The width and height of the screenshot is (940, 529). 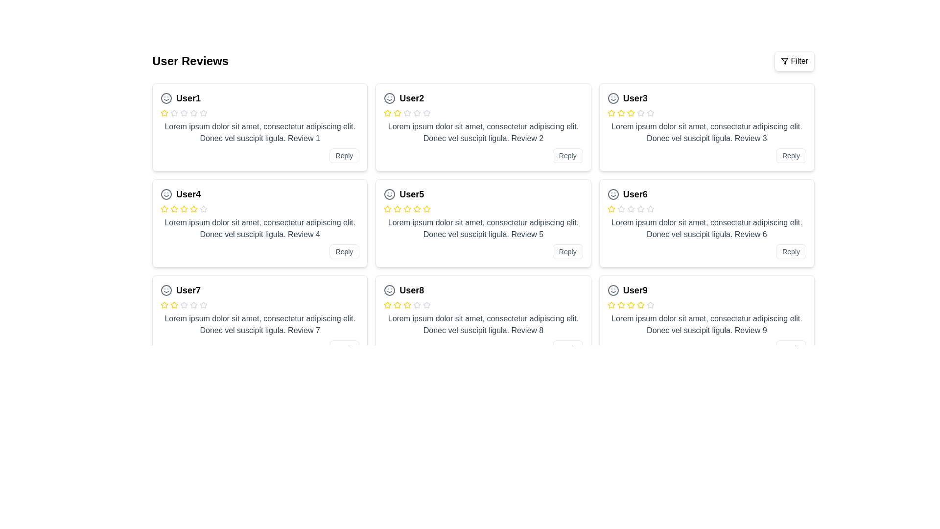 I want to click on the fourth yellow star icon in the rating indicator for 'User3' within the review card, so click(x=631, y=113).